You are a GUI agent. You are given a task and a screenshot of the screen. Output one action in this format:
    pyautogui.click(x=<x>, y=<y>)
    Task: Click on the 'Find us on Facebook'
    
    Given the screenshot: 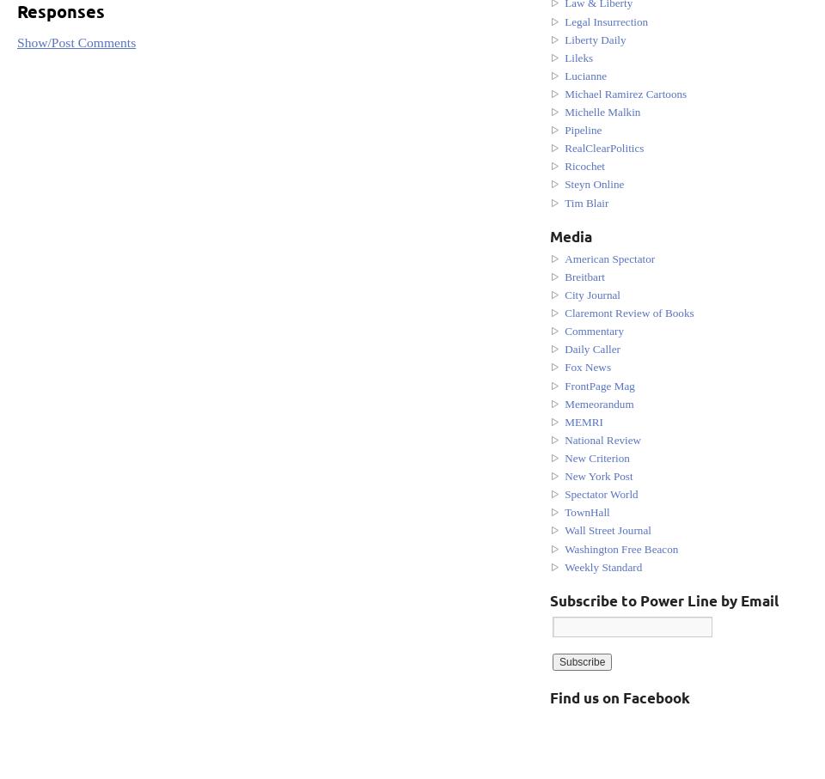 What is the action you would take?
    pyautogui.click(x=619, y=697)
    